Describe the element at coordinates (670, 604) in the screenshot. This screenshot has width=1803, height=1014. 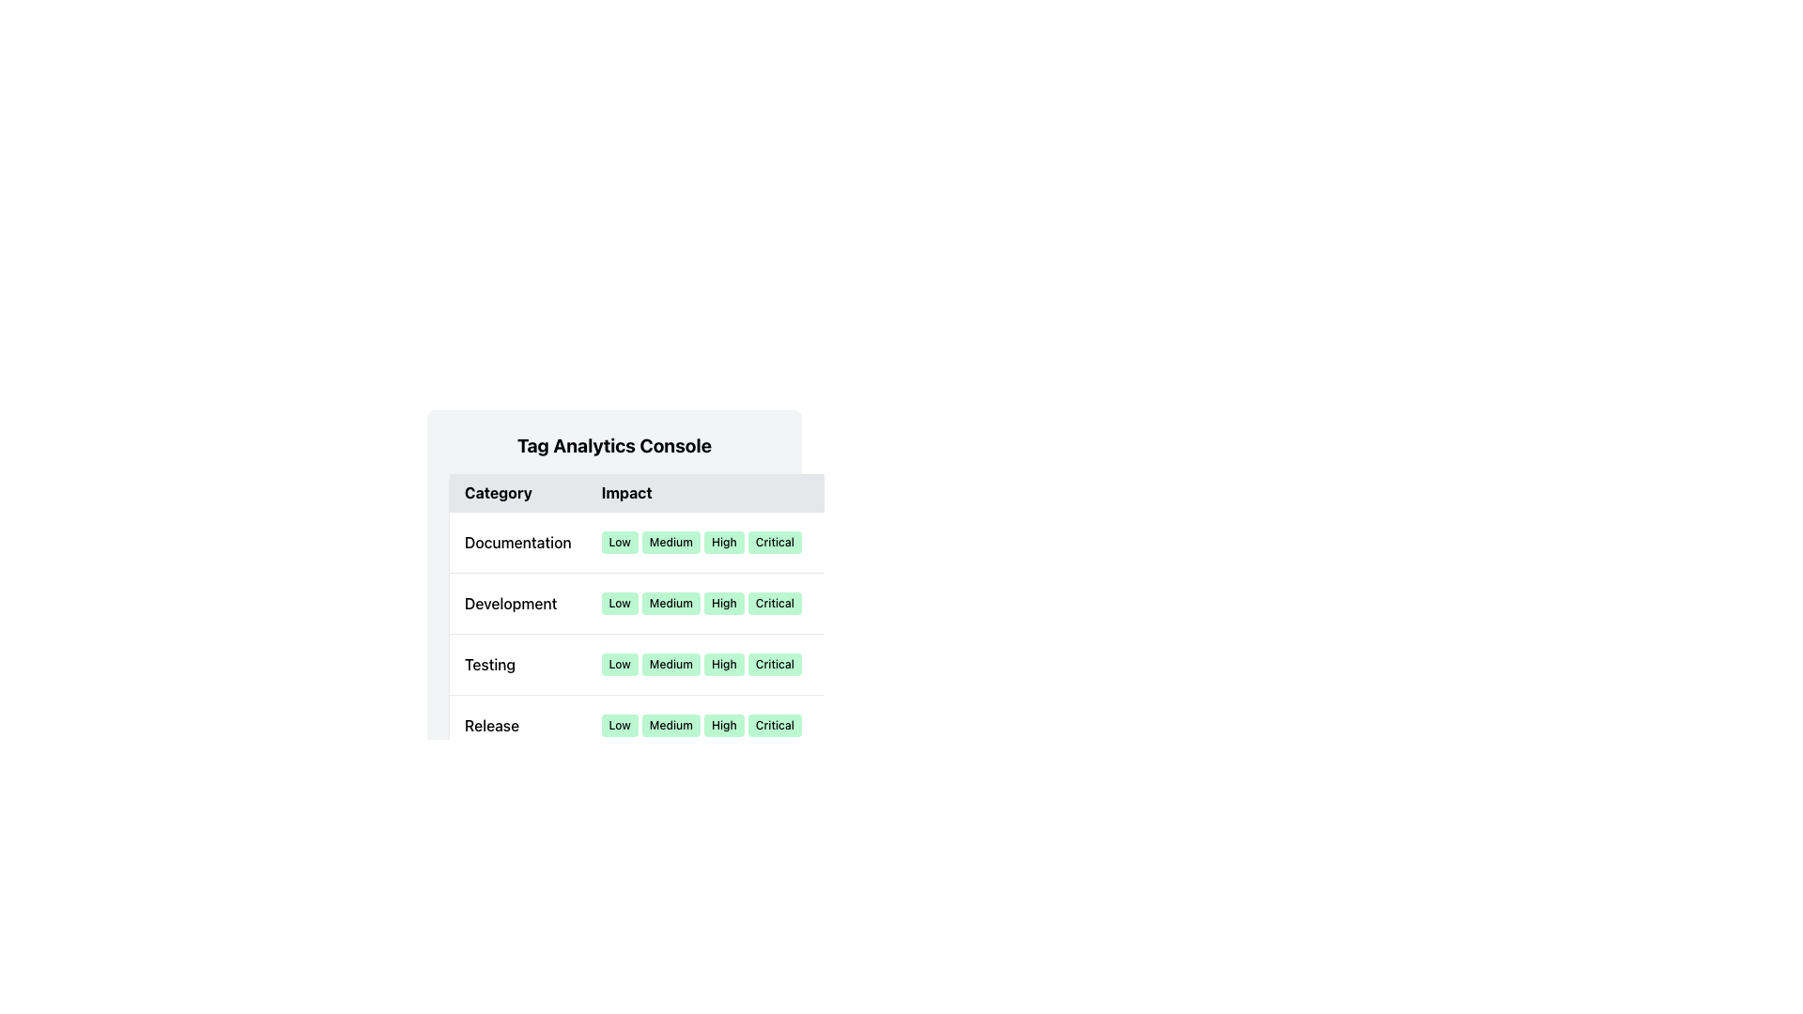
I see `the label with the text 'Medium', which is the second label in the 'Development' row under the 'Impact' category, to interact with it` at that location.